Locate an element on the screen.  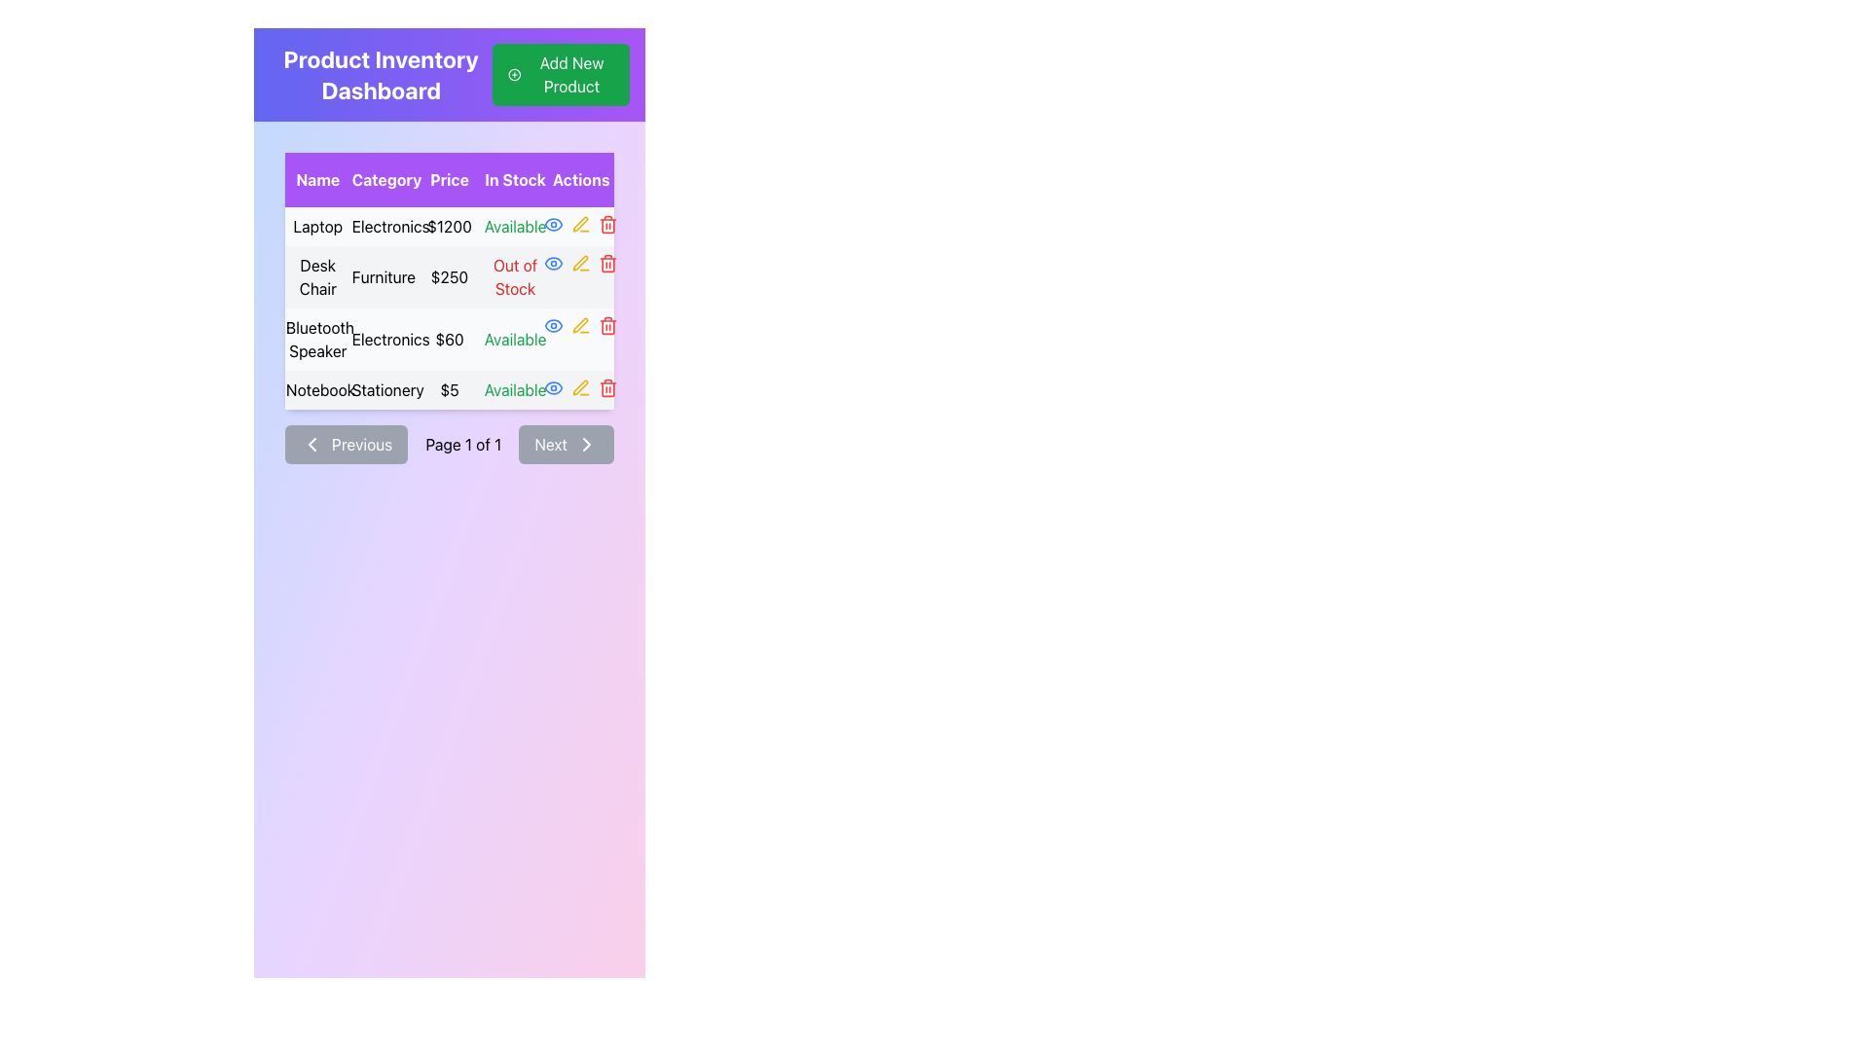
the header label indicating the contents of the last column in the table, which displays action buttons like edit and delete is located at coordinates (580, 180).